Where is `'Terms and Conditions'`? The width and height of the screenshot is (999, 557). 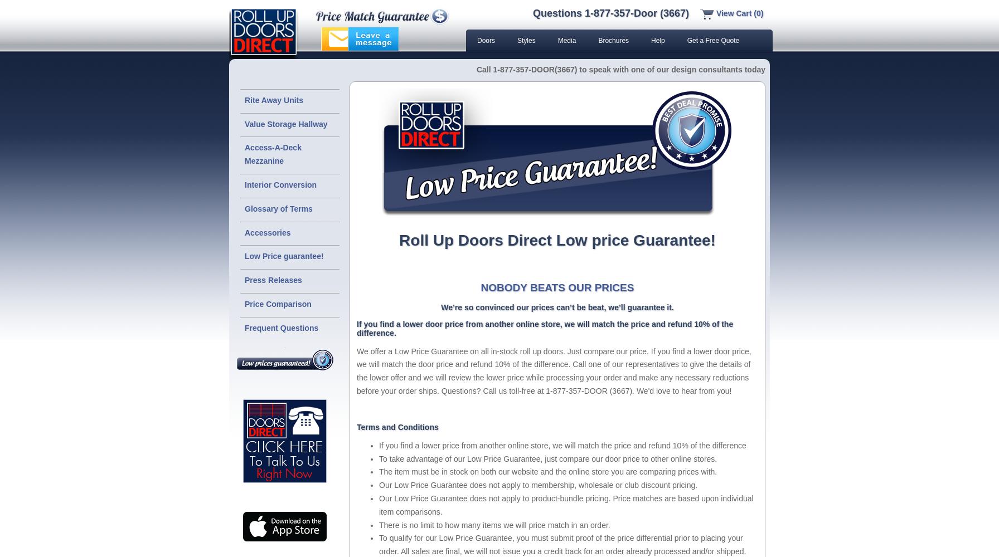
'Terms and Conditions' is located at coordinates (397, 427).